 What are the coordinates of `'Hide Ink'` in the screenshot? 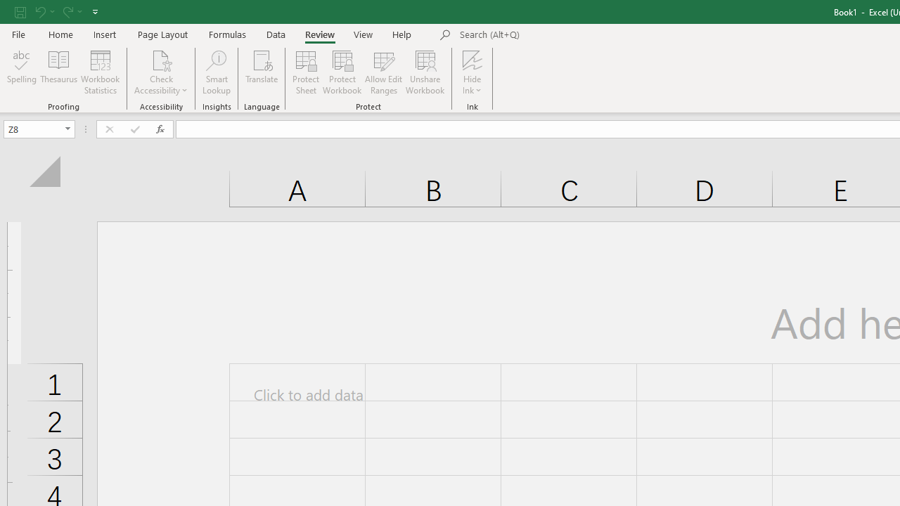 It's located at (472, 72).